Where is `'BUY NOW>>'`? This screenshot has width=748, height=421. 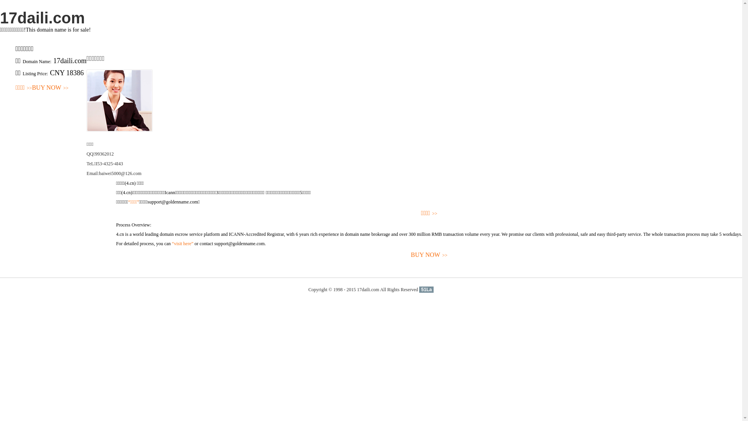 'BUY NOW>>' is located at coordinates (429, 255).